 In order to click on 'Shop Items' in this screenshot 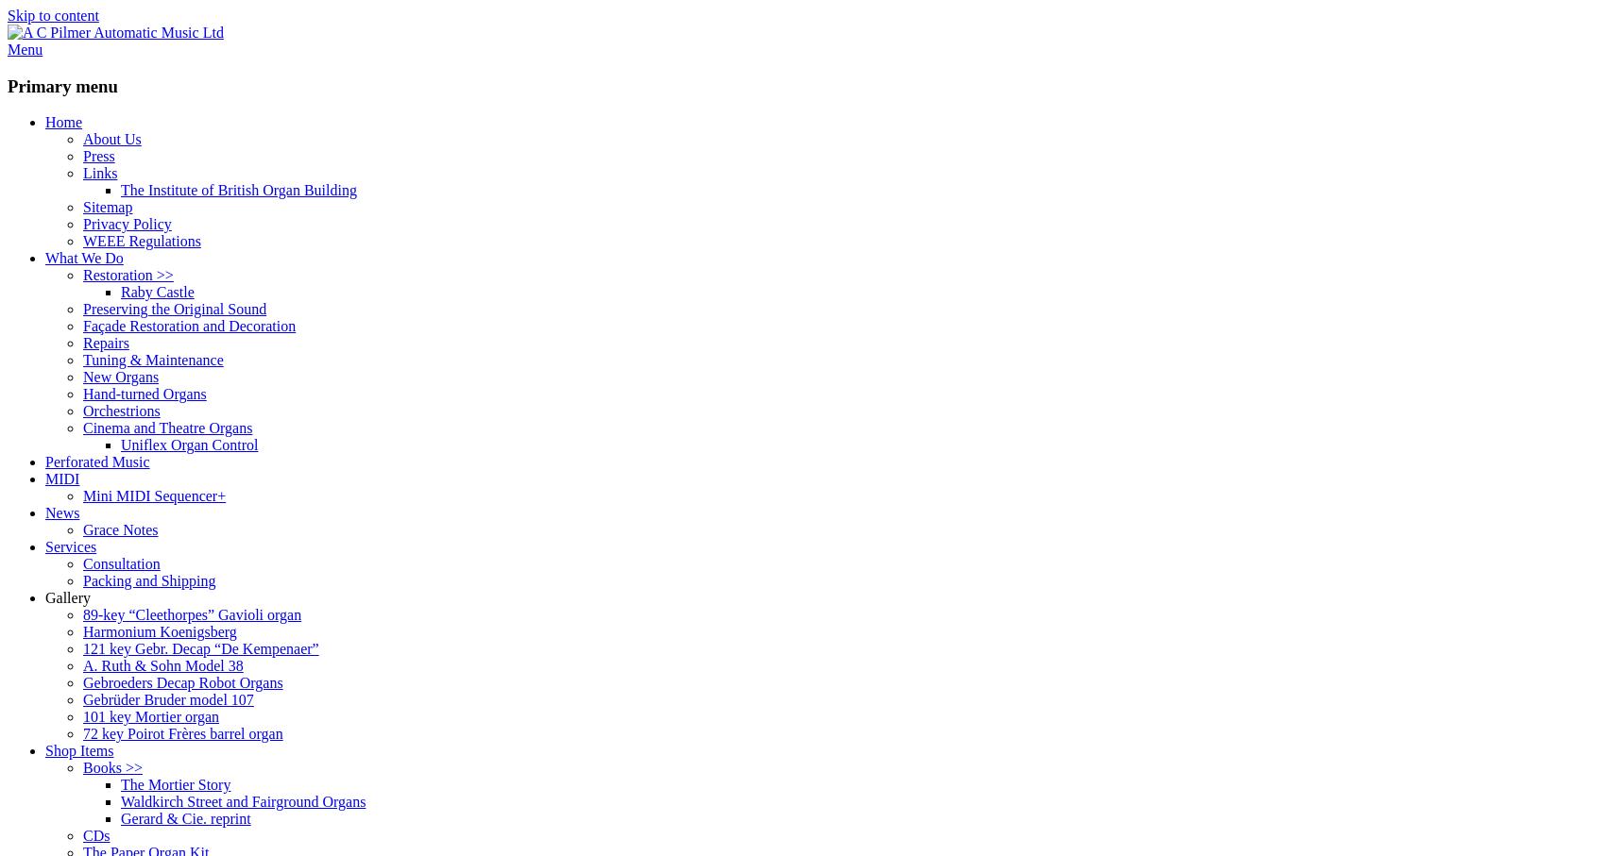, I will do `click(44, 750)`.